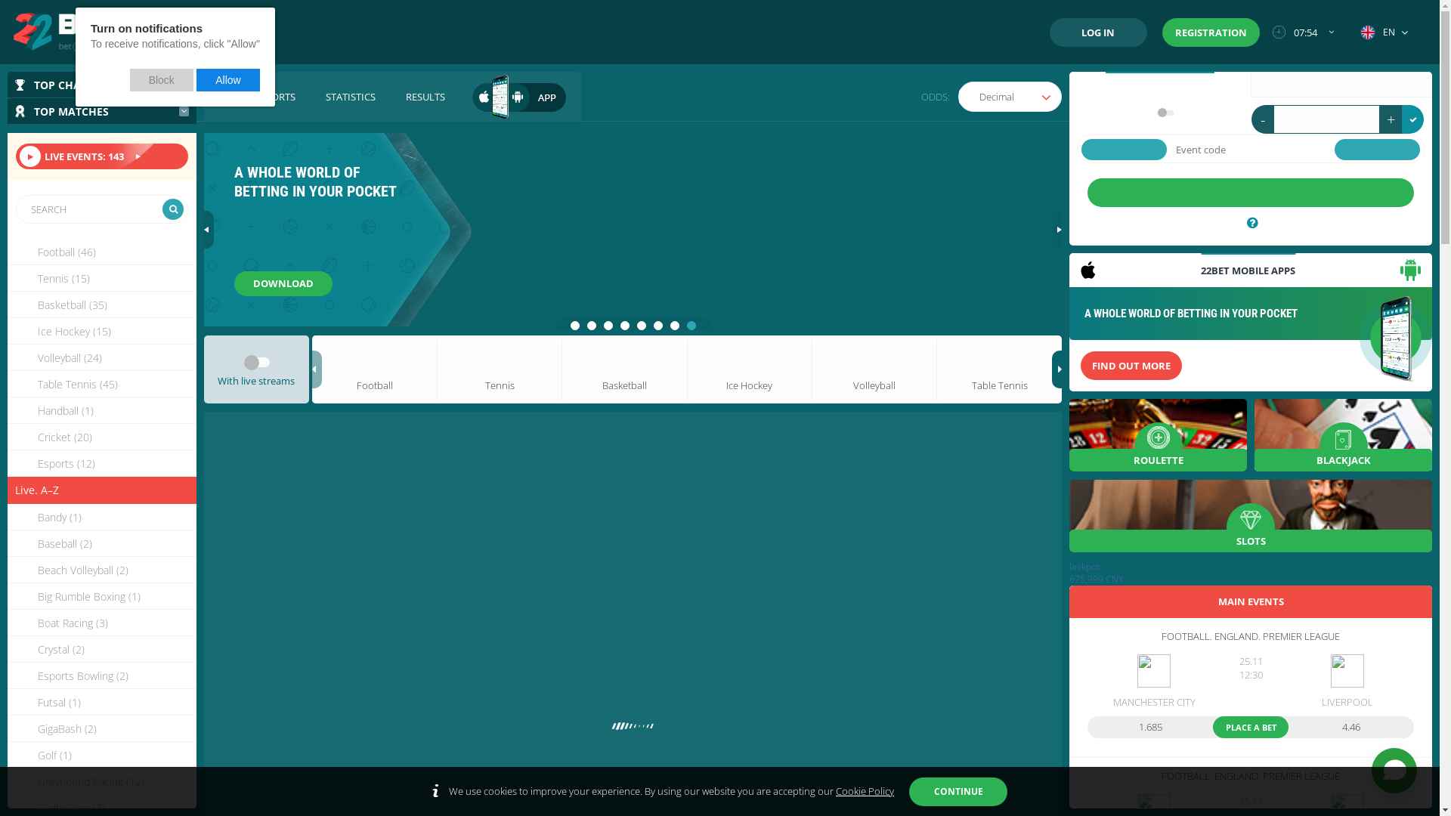  Describe the element at coordinates (1157, 434) in the screenshot. I see `'ROULETTE'` at that location.